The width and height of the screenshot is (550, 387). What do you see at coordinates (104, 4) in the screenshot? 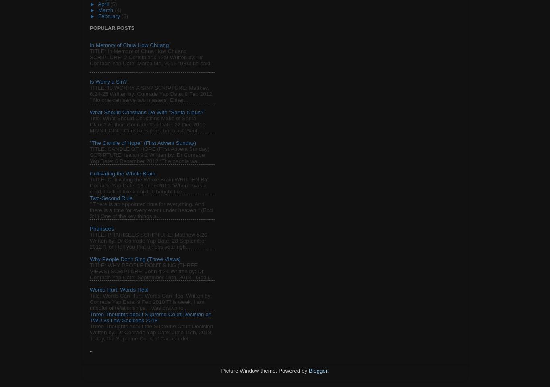
I see `'April'` at bounding box center [104, 4].